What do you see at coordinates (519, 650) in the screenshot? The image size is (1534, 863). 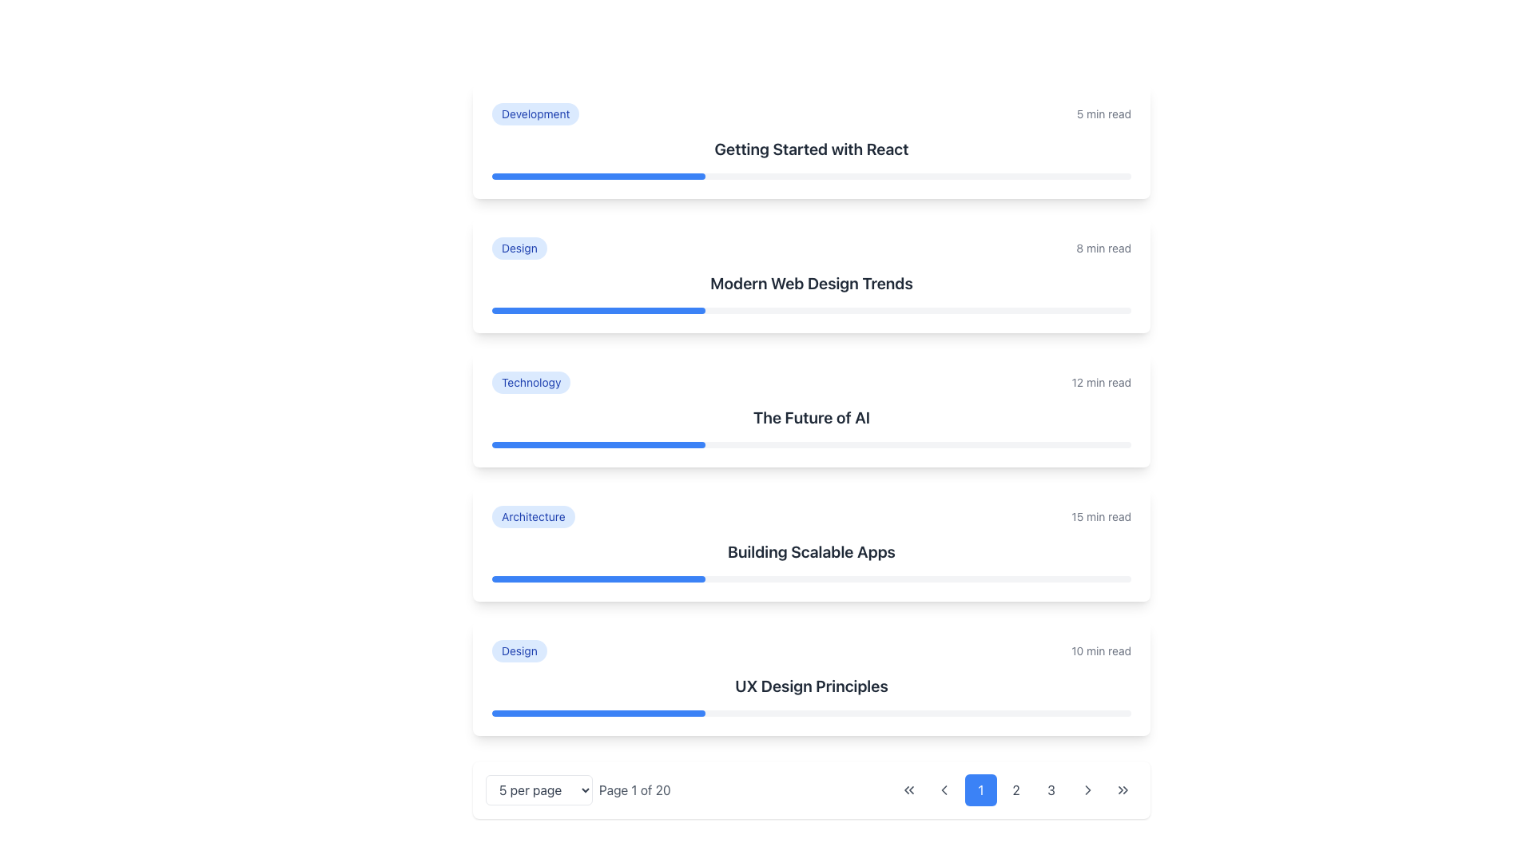 I see `the category label located in the fifth row, positioned to the left of the text 'UX Design Principles' and aligned with the reading duration '10 min read'` at bounding box center [519, 650].